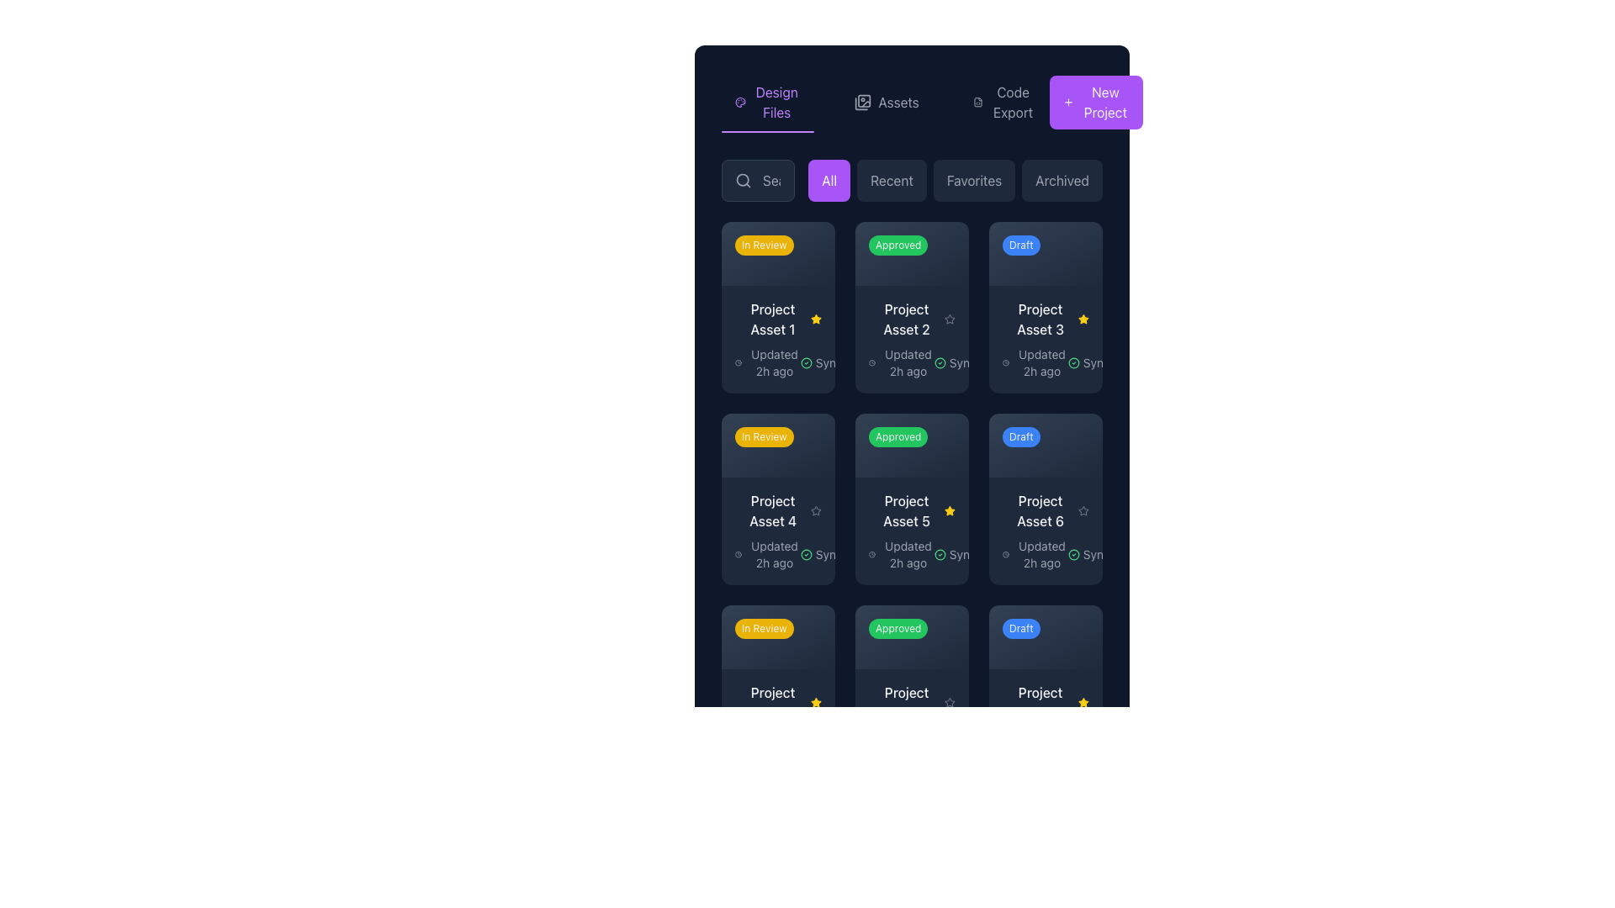 This screenshot has width=1615, height=908. I want to click on the green rectangular 'Approved' status badge located in the fifth card of the second row, which is labeled 'Project Asset 5', so click(908, 439).